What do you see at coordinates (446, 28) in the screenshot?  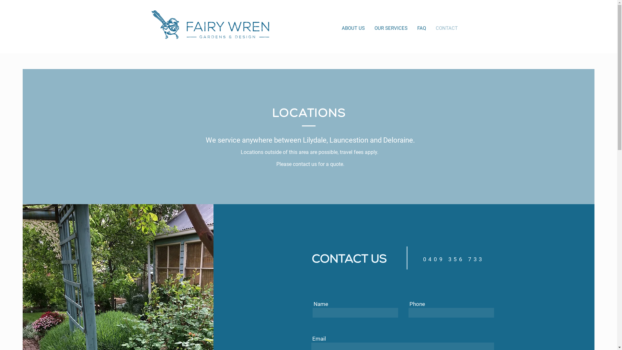 I see `'CONTACT'` at bounding box center [446, 28].